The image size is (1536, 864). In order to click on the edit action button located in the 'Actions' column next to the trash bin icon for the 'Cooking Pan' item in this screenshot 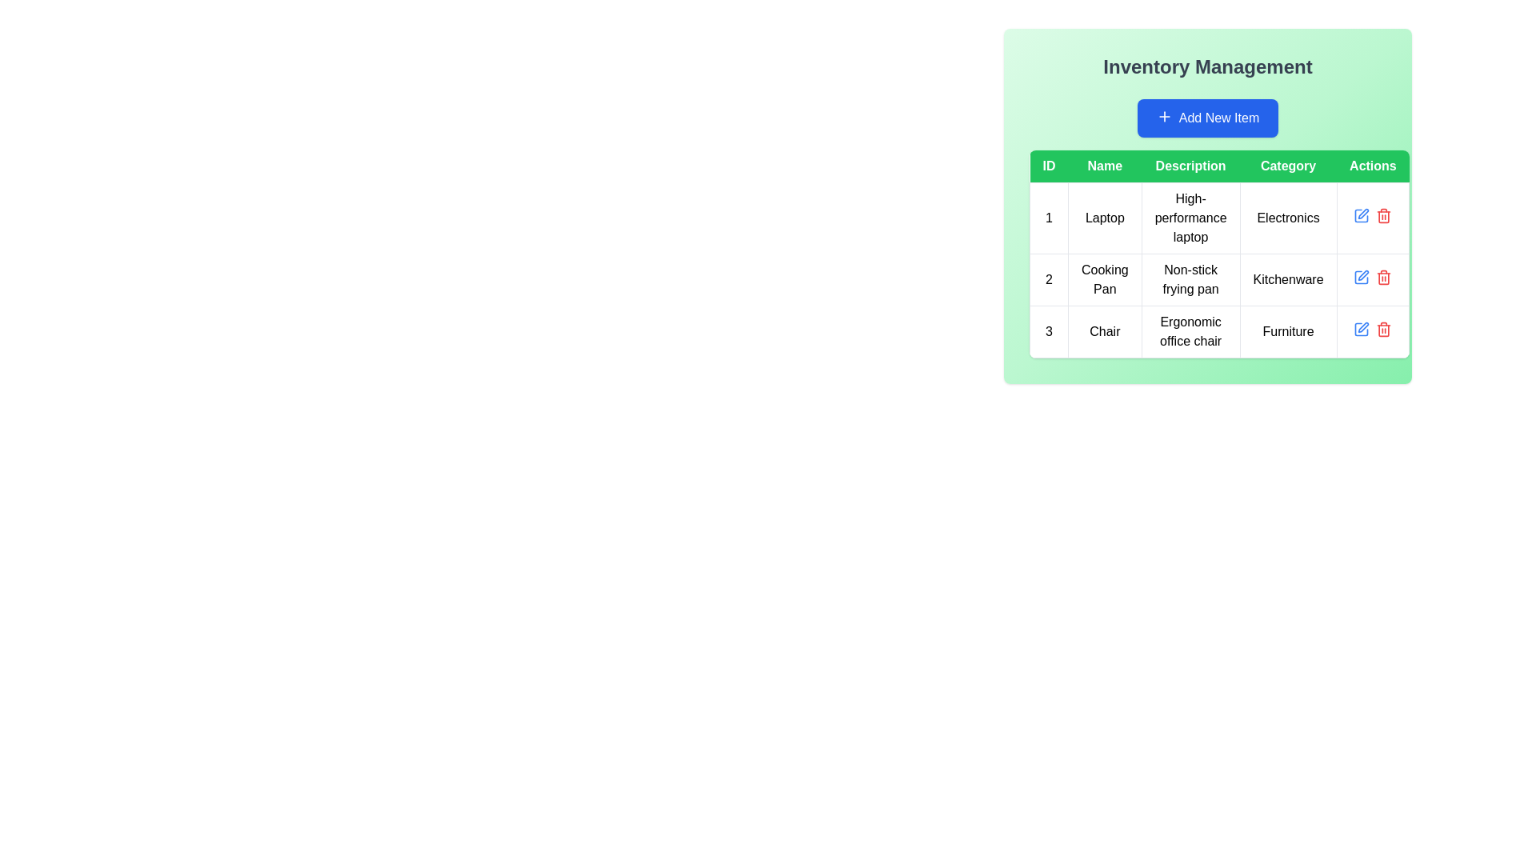, I will do `click(1362, 274)`.